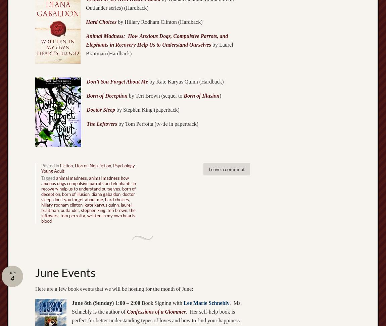 Image resolution: width=386 pixels, height=326 pixels. I want to click on 'Psychology', so click(124, 165).